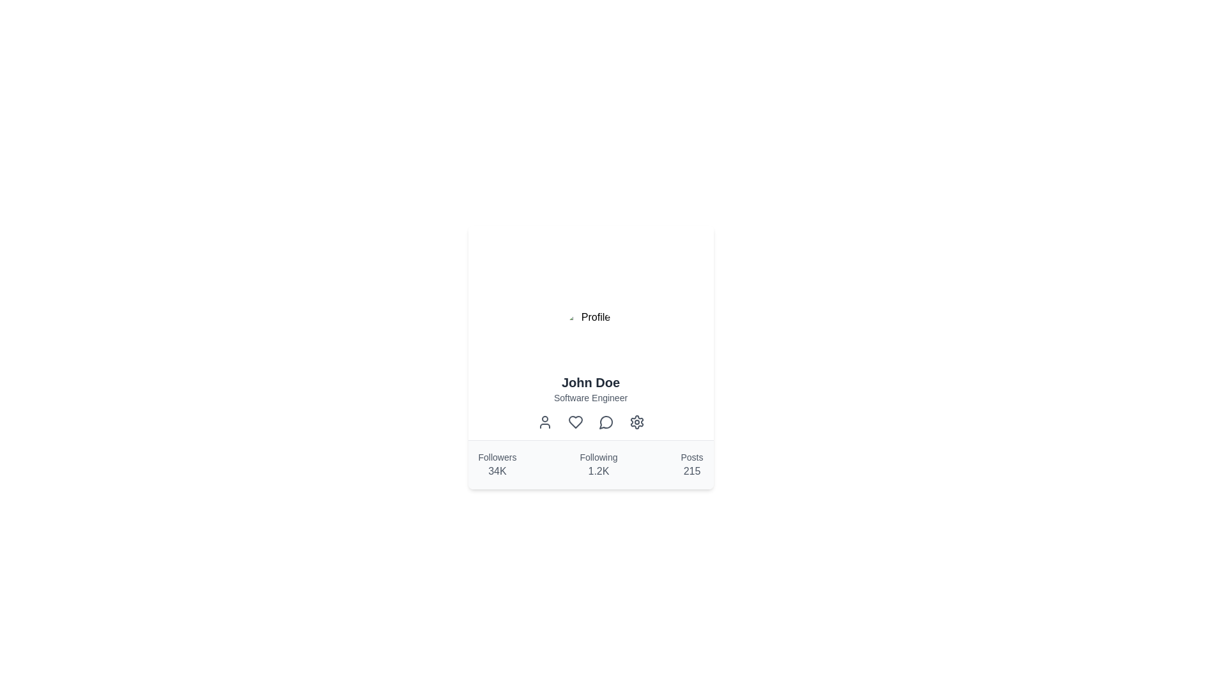 This screenshot has width=1227, height=690. Describe the element at coordinates (497, 465) in the screenshot. I see `the static text display showing the followers count labeled 'Followers' with the value '34K' positioned at the bottom left of the metrics row` at that location.